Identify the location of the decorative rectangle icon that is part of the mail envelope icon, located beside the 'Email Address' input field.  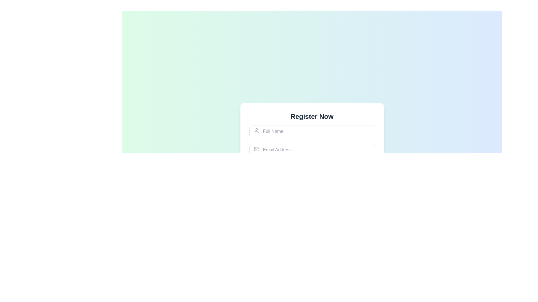
(256, 148).